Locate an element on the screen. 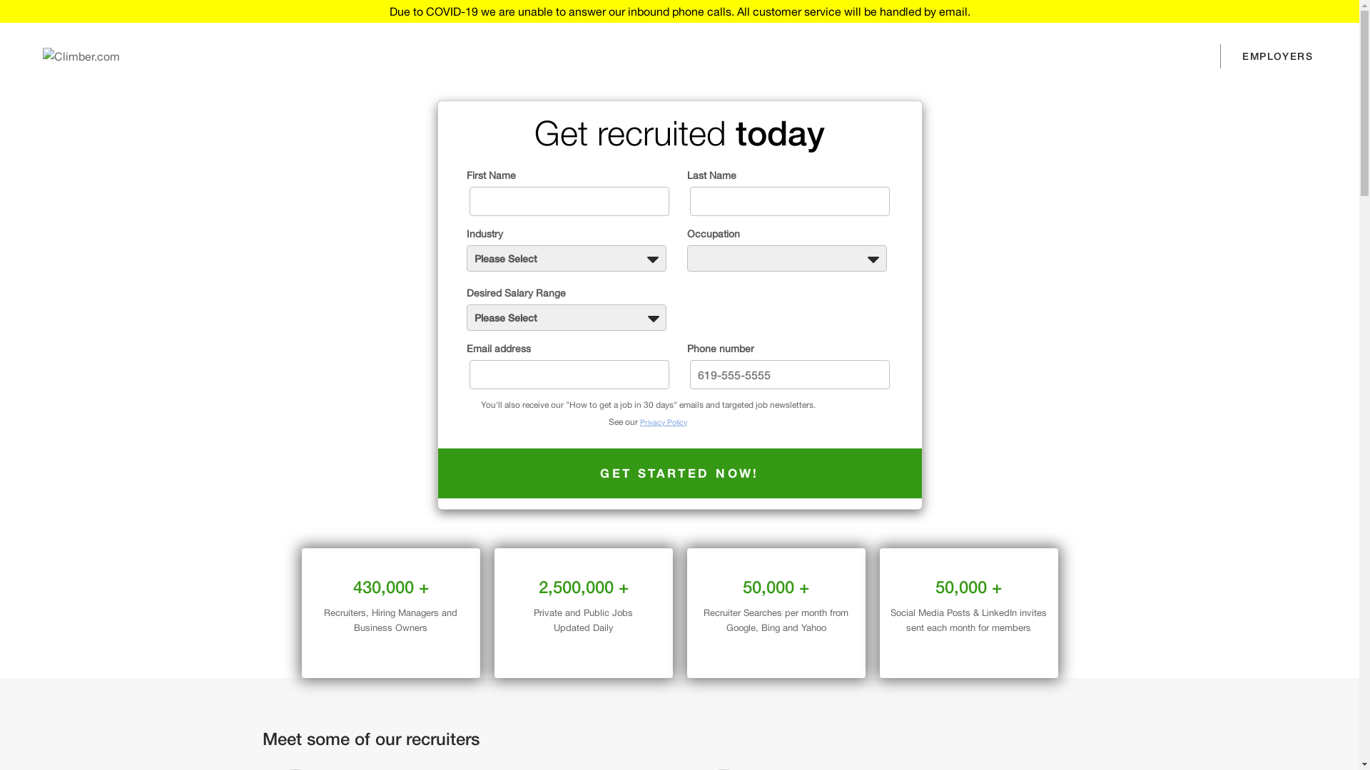 The height and width of the screenshot is (770, 1370). 'EMPLOYERS' is located at coordinates (1277, 55).